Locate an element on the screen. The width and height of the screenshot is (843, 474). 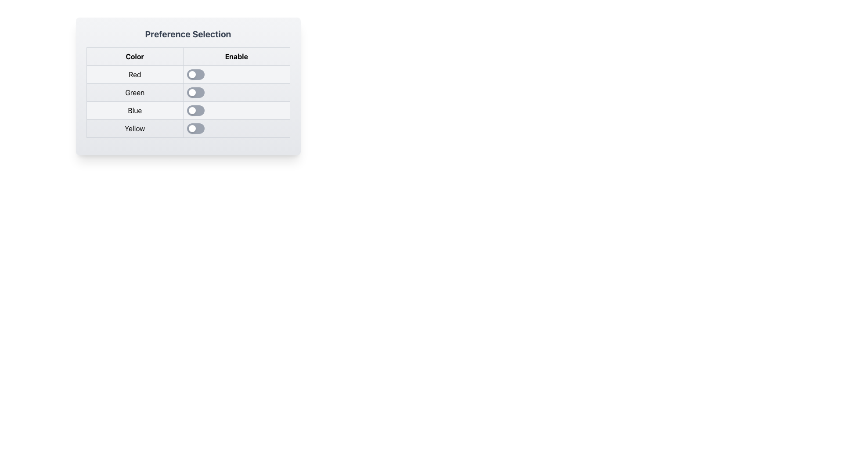
the toggle switch corresponding to the 'Red' preference in the 'Enable' column of the table to switch its state is located at coordinates (187, 74).